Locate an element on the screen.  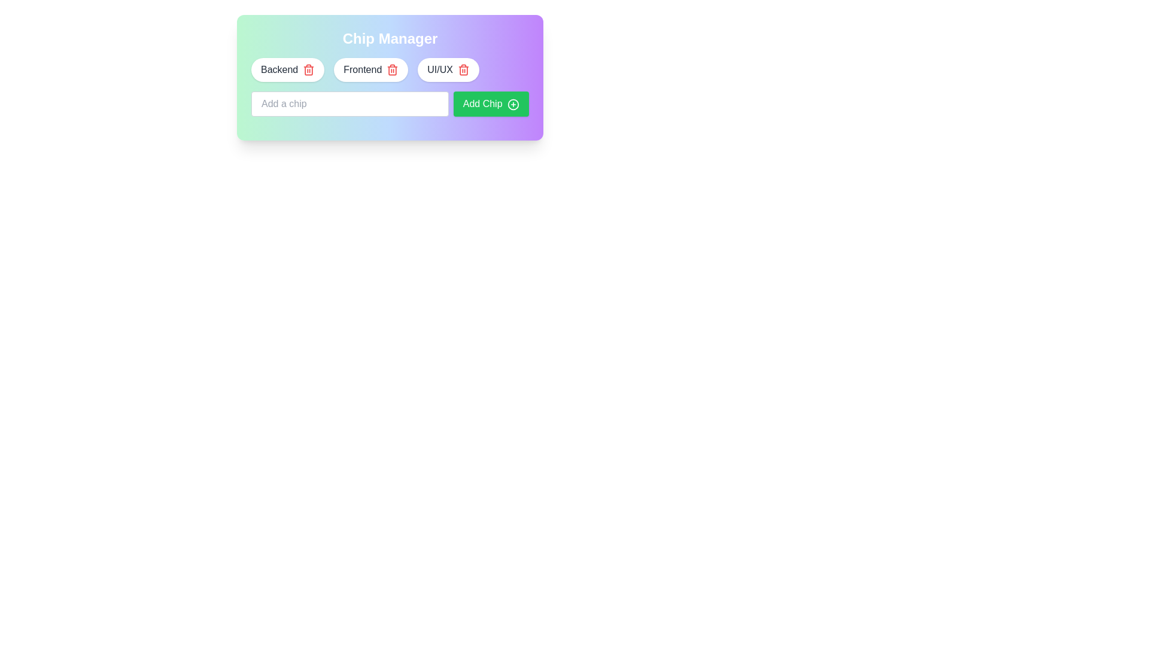
the trash icon on the right side of the 'UI/UX' interactive chip is located at coordinates (448, 69).